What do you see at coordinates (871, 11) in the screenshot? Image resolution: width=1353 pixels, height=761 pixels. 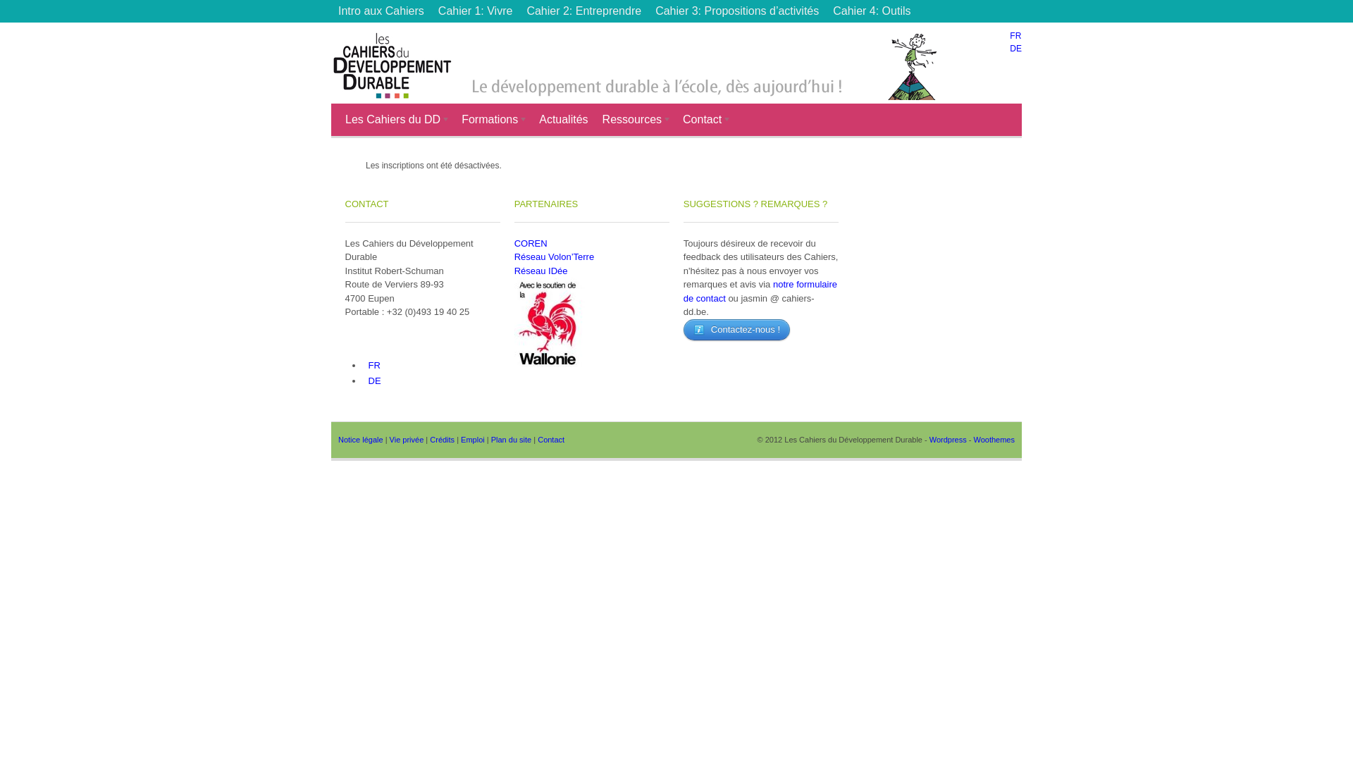 I see `'Cahier 4: Outils'` at bounding box center [871, 11].